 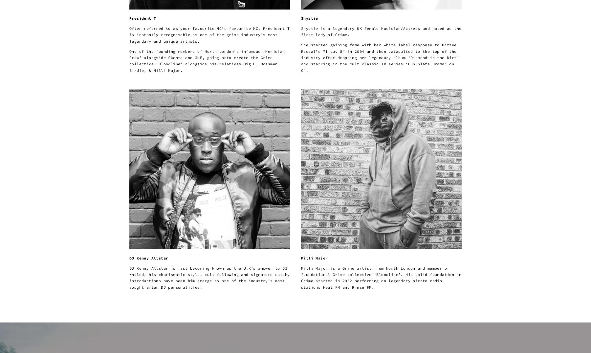 I want to click on 'Milli Major is a Grime artist from North London and member of foundational Grime collective ‘Bloodline’. His solid foundation in Grime started in 2002 performing on legendary pirate radio stations Heat FM and Rinse FM.', so click(x=381, y=277).